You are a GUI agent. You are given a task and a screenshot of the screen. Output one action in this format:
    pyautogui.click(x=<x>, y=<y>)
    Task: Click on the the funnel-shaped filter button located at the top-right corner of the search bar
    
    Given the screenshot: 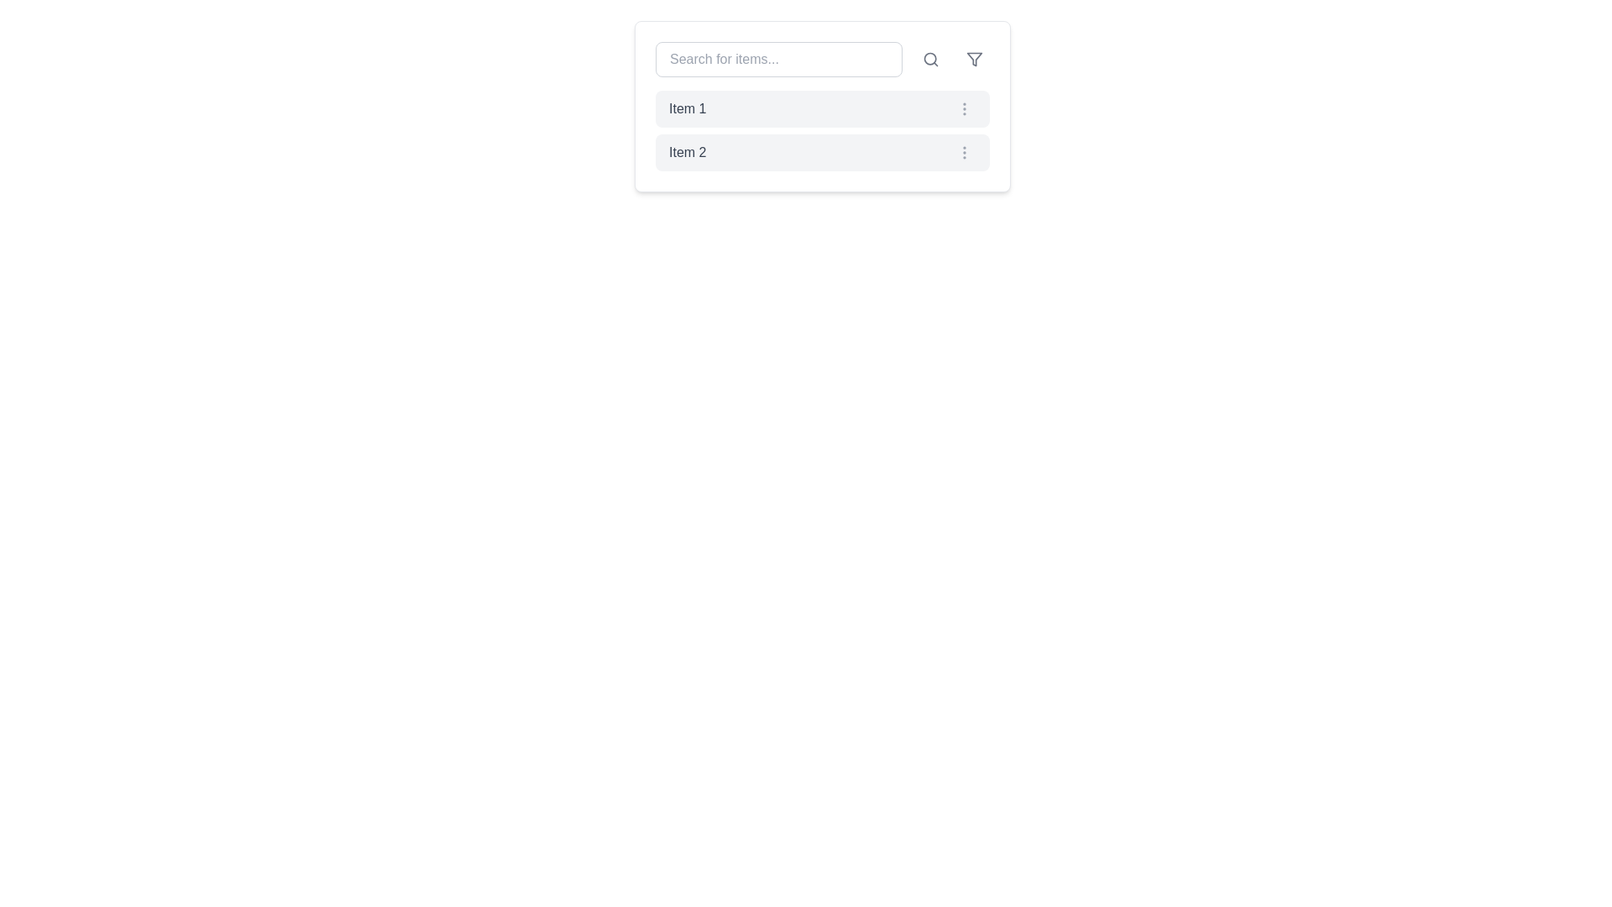 What is the action you would take?
    pyautogui.click(x=975, y=58)
    